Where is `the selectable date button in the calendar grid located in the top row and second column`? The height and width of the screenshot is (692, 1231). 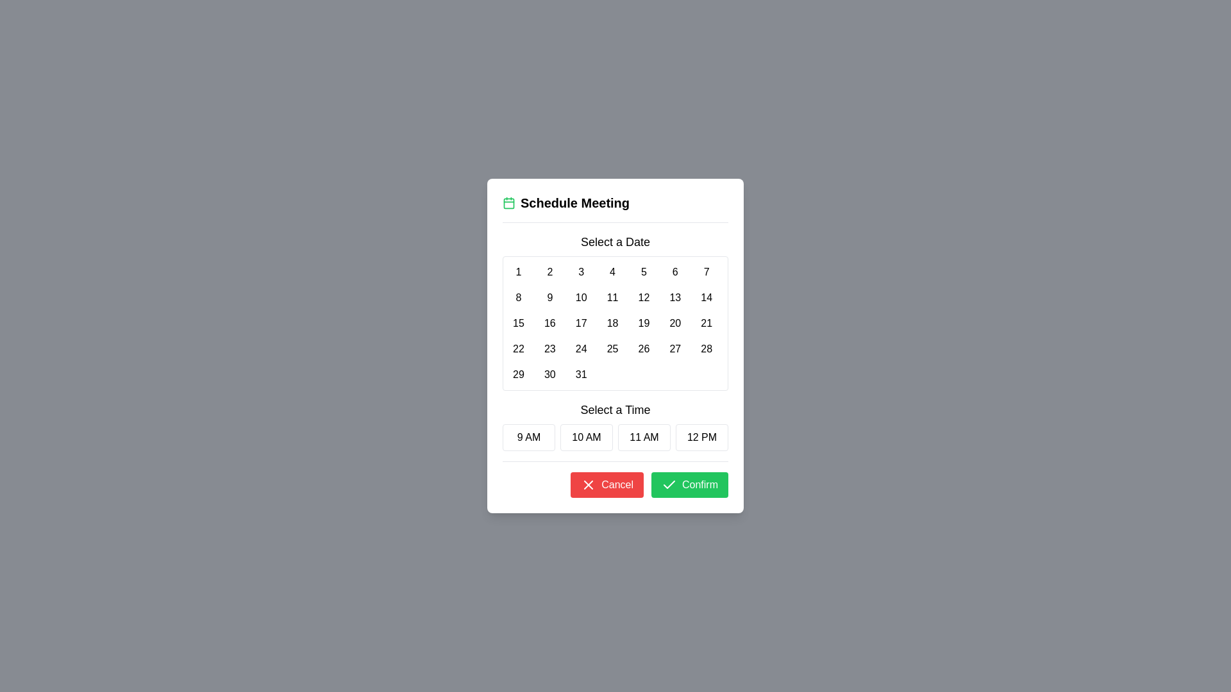 the selectable date button in the calendar grid located in the top row and second column is located at coordinates (549, 271).